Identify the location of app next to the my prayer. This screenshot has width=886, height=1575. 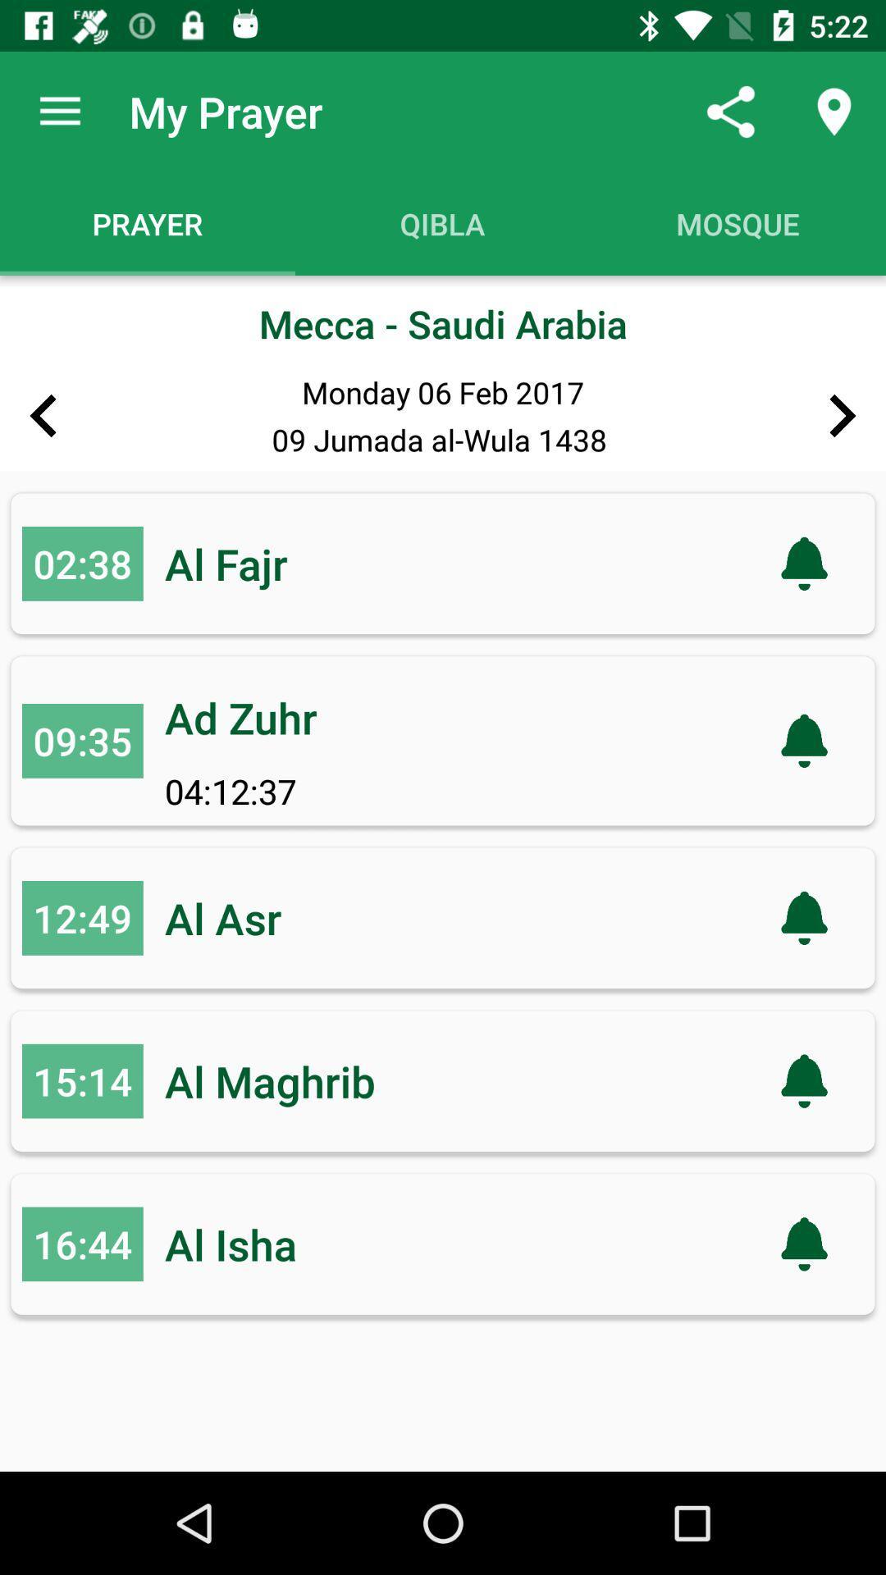
(730, 111).